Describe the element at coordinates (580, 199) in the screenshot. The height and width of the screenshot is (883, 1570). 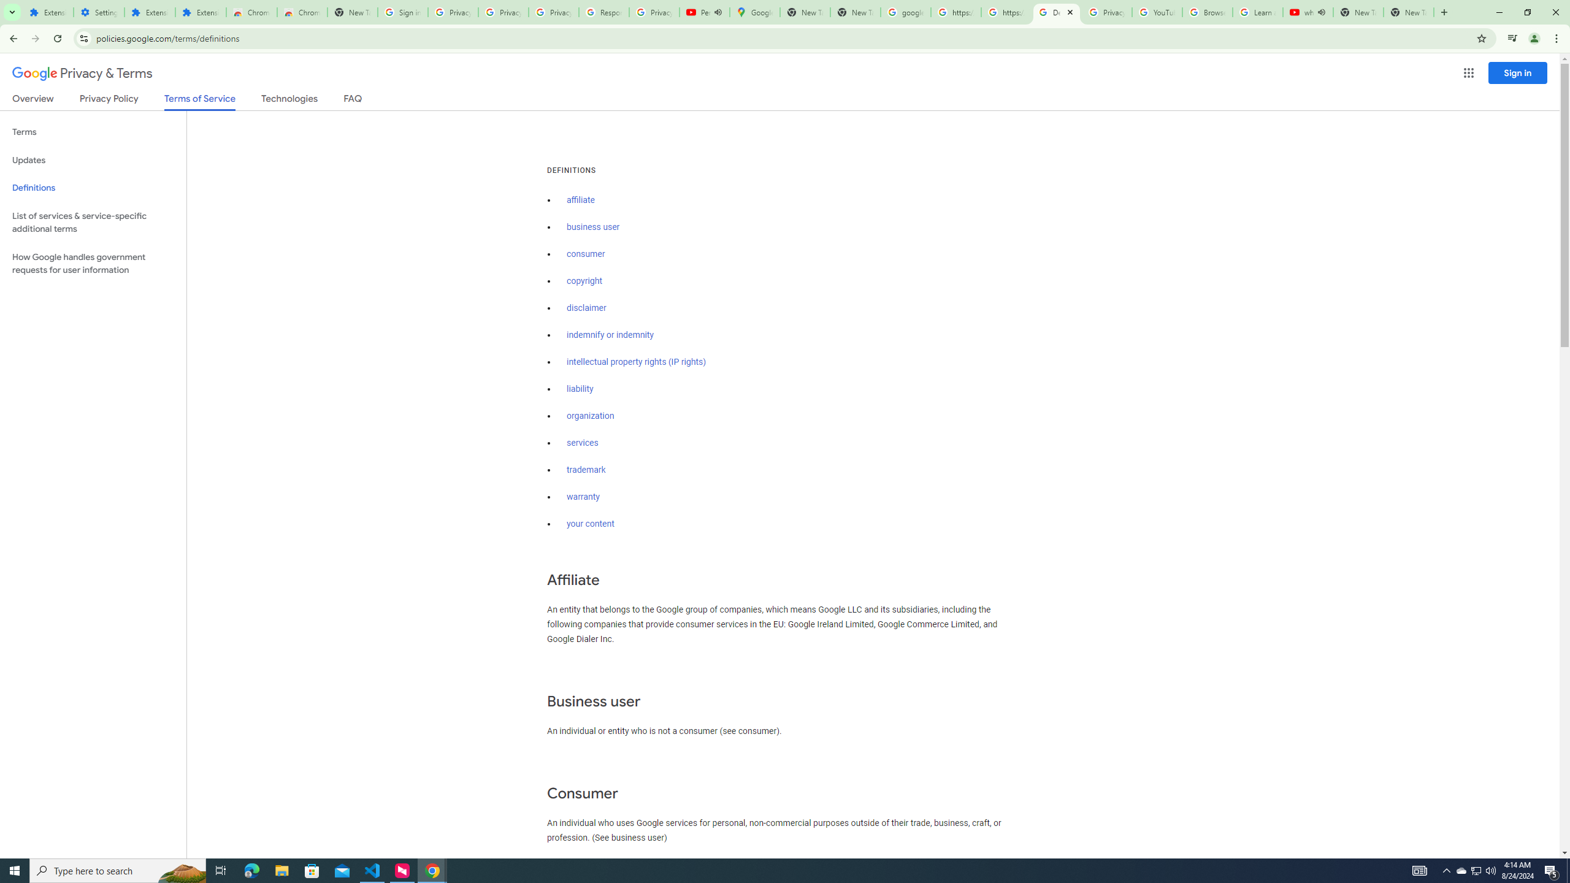
I see `'affiliate'` at that location.